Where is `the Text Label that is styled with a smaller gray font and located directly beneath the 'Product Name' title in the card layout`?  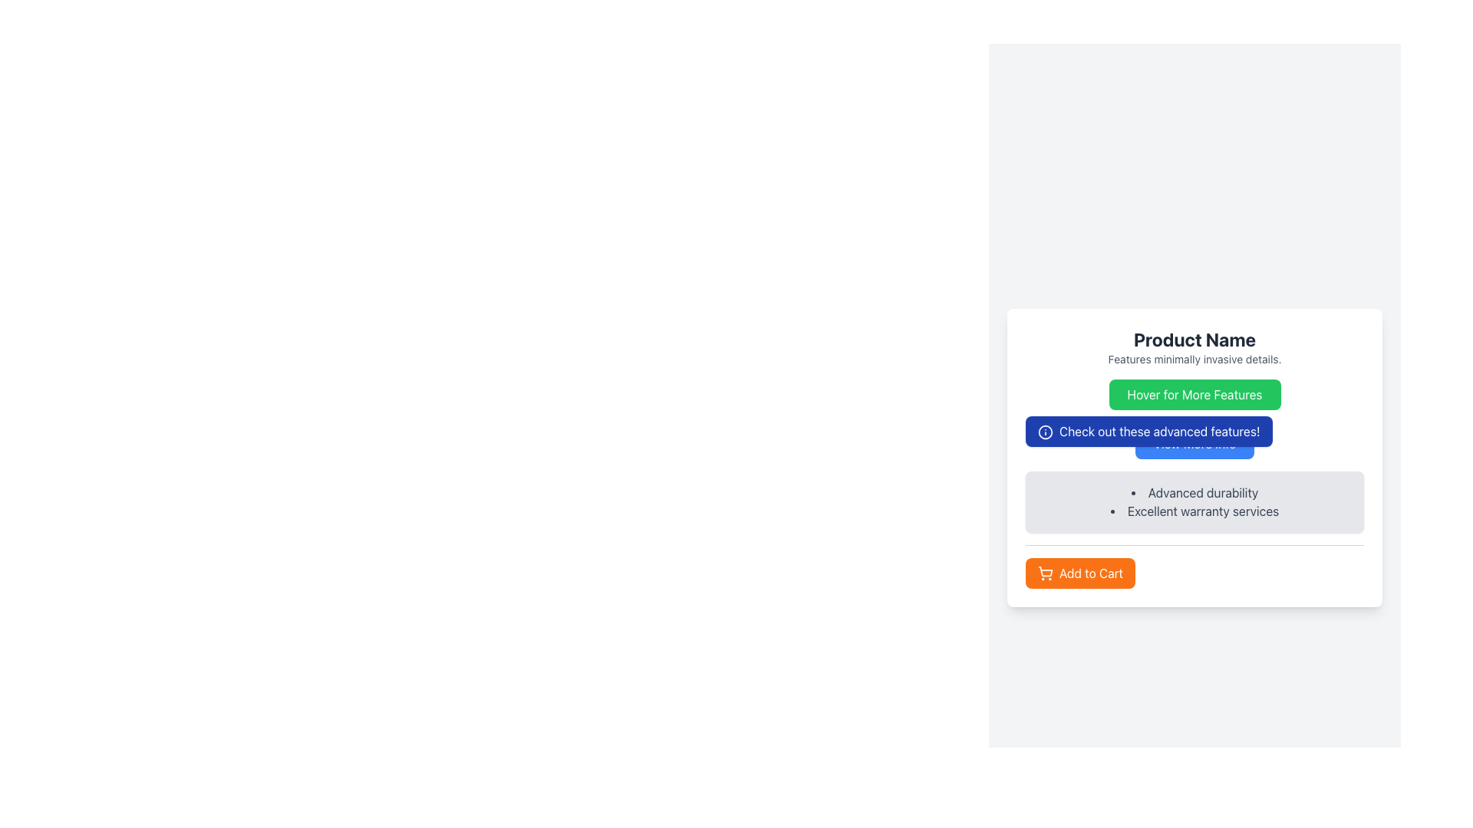 the Text Label that is styled with a smaller gray font and located directly beneath the 'Product Name' title in the card layout is located at coordinates (1194, 359).